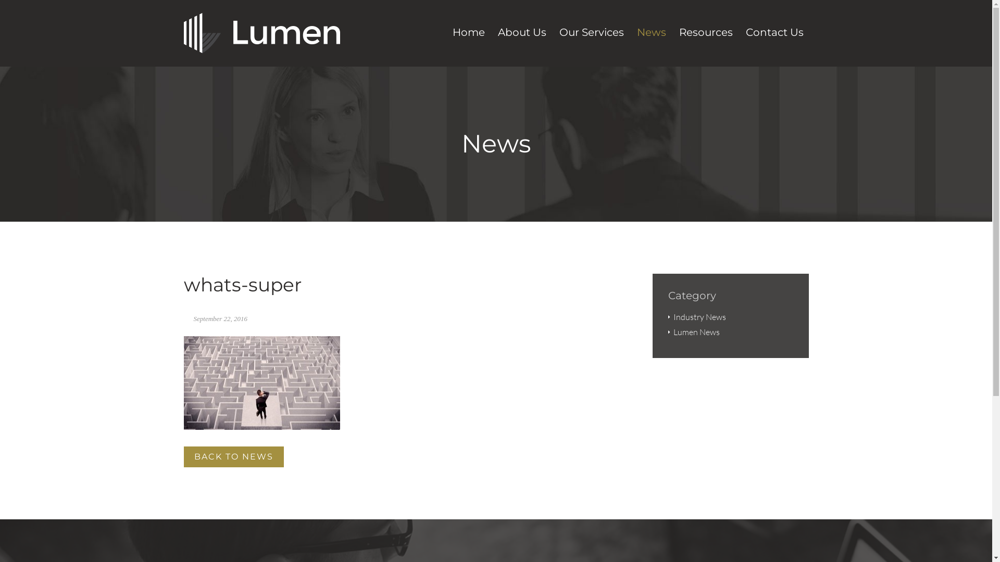 This screenshot has height=562, width=1000. Describe the element at coordinates (232, 456) in the screenshot. I see `'BACK TO NEWS'` at that location.